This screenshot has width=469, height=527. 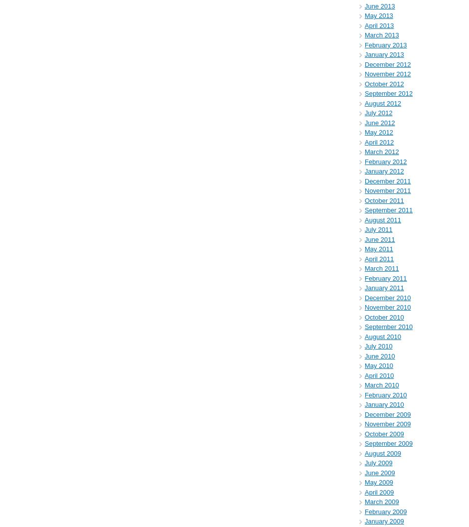 I want to click on 'October 2011', so click(x=383, y=199).